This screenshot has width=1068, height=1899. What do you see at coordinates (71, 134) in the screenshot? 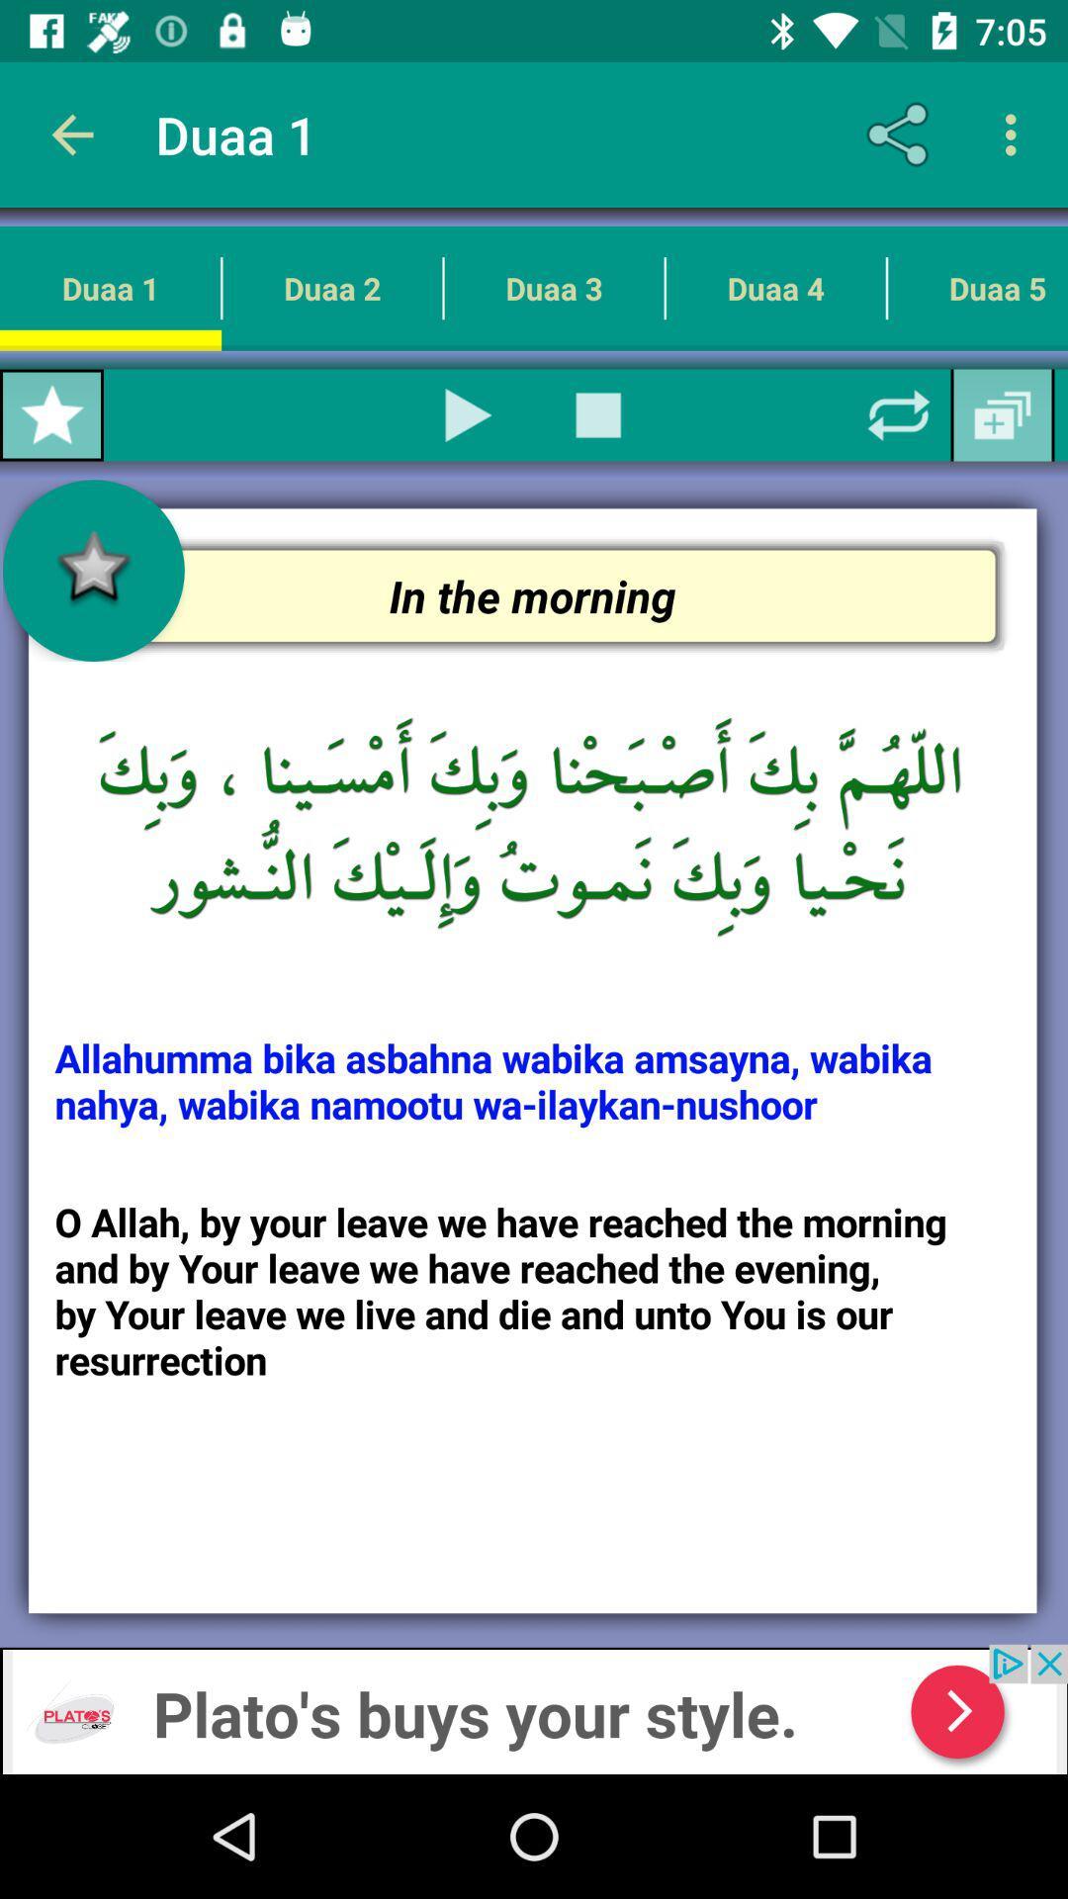
I see `the app next to duaa 1 app` at bounding box center [71, 134].